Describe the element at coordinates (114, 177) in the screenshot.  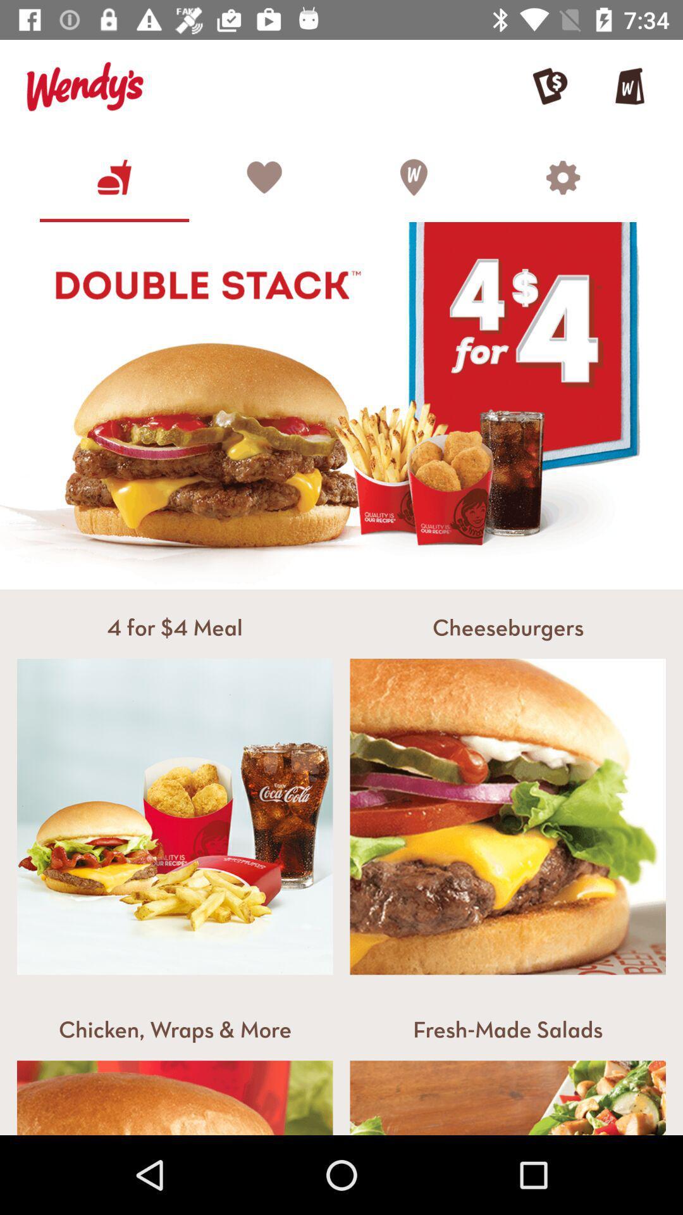
I see `the icon below wendys` at that location.